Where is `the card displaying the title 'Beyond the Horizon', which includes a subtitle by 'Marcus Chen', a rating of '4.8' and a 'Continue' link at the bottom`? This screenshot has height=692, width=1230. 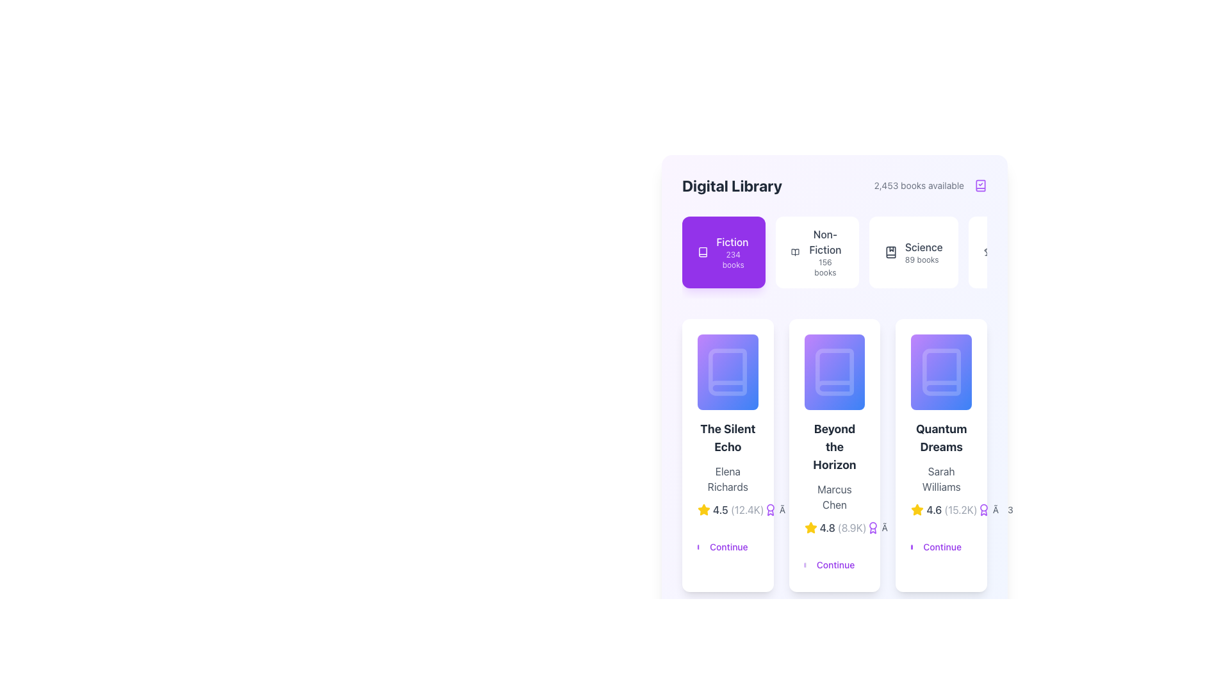
the card displaying the title 'Beyond the Horizon', which includes a subtitle by 'Marcus Chen', a rating of '4.8' and a 'Continue' link at the bottom is located at coordinates (834, 498).